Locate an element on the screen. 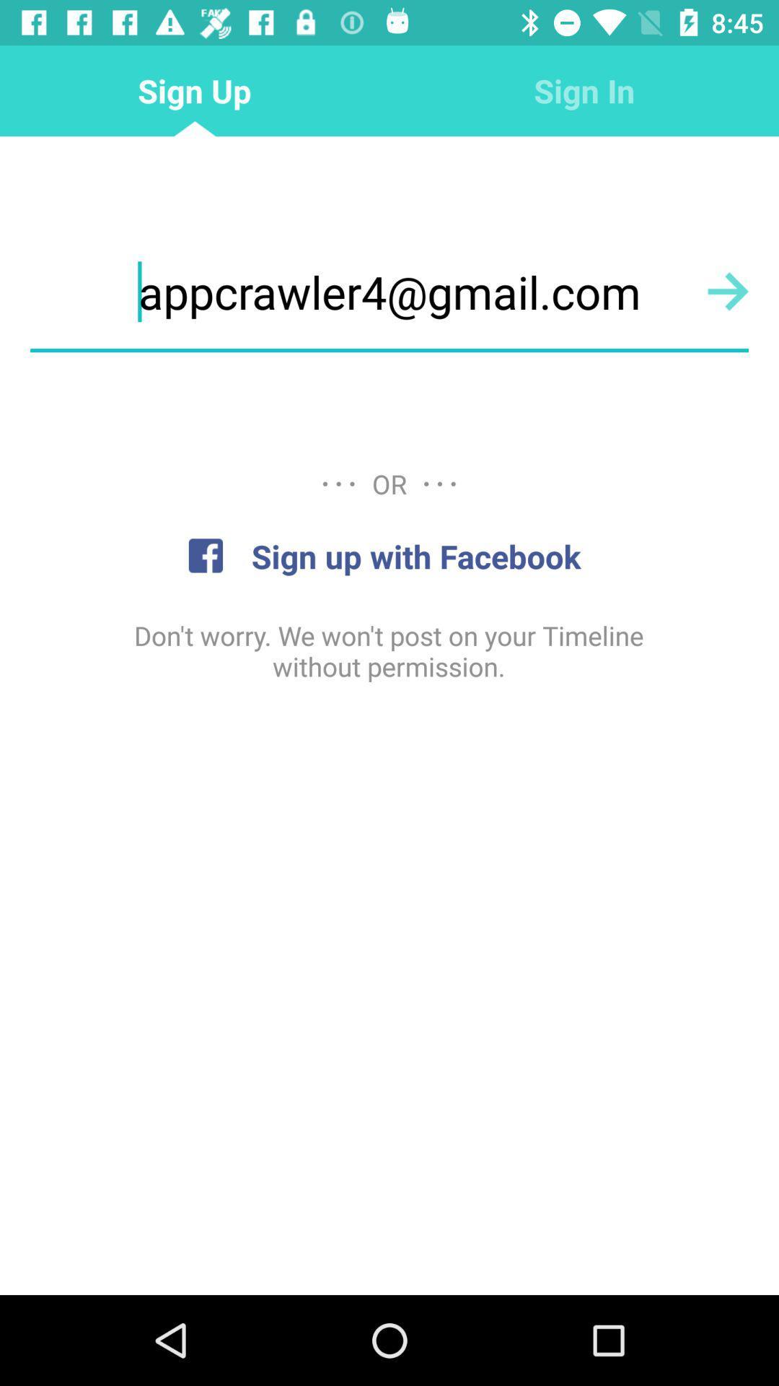 This screenshot has width=779, height=1386. the icon to the right of the sign up is located at coordinates (584, 90).